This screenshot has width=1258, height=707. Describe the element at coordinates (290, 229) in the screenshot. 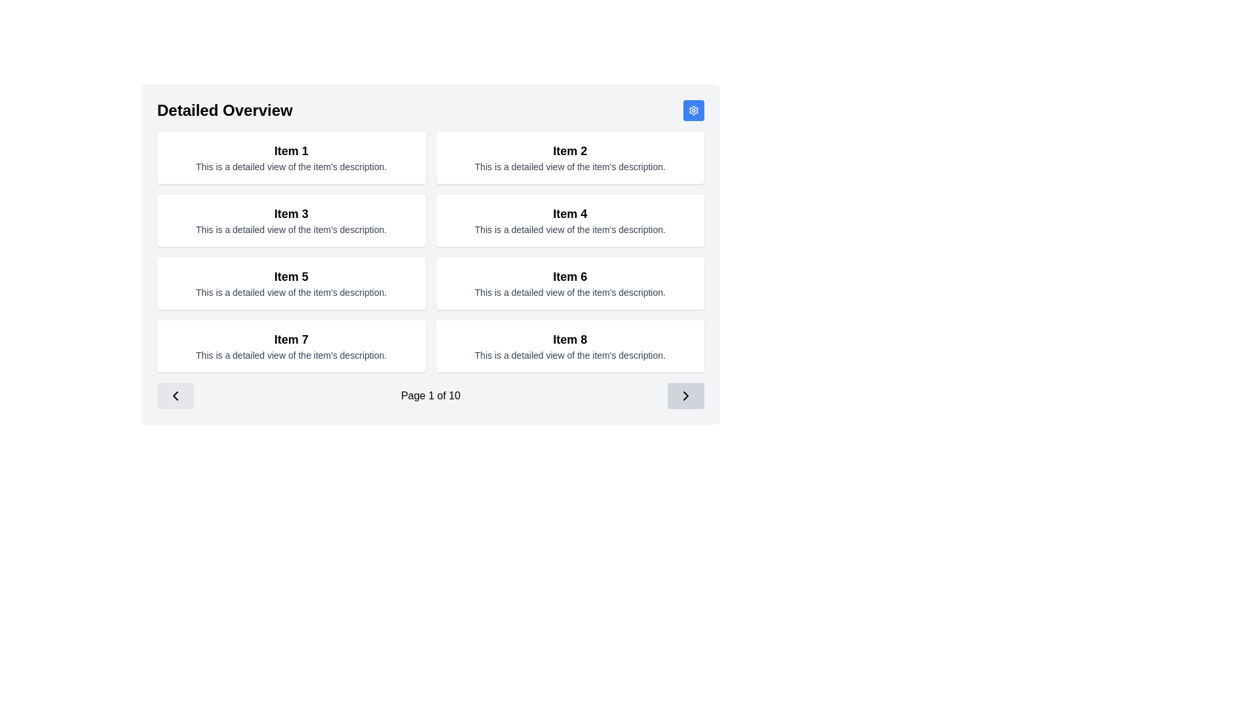

I see `the descriptive text located below the 'Item 3' title in the third item card of the grid layout` at that location.